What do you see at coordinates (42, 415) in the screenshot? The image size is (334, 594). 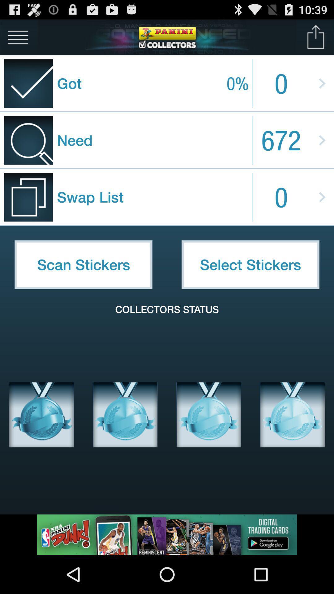 I see `sticker image` at bounding box center [42, 415].